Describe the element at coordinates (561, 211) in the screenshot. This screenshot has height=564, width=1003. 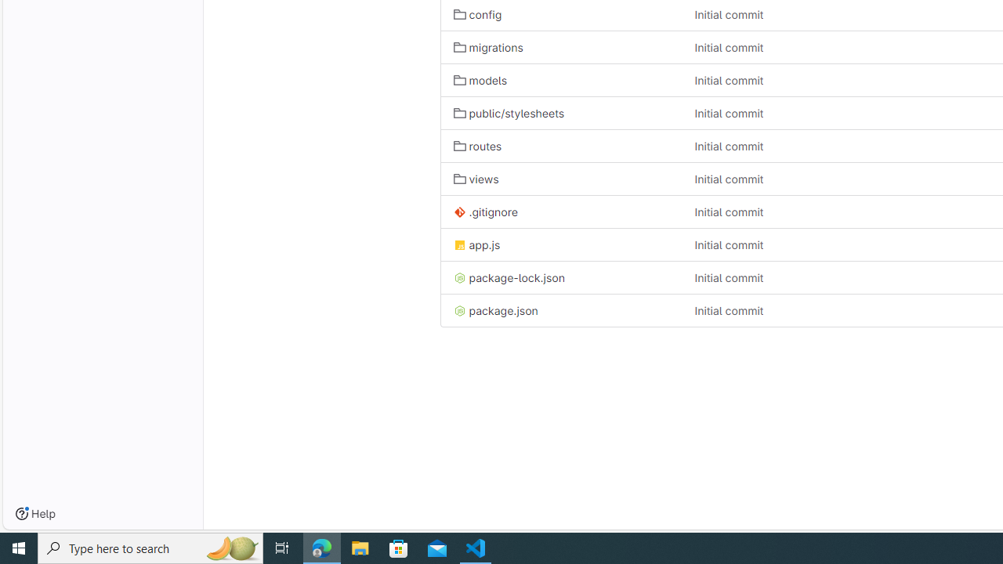
I see `'.gitignore'` at that location.